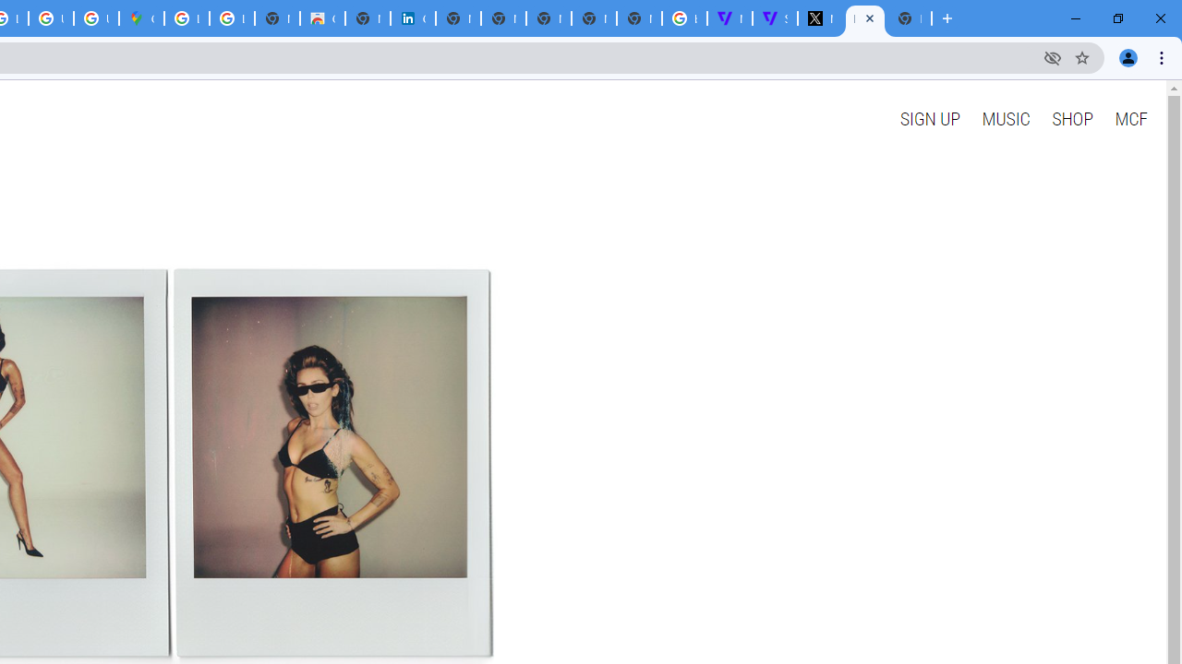 The width and height of the screenshot is (1182, 664). I want to click on 'SIGN UP', so click(929, 118).